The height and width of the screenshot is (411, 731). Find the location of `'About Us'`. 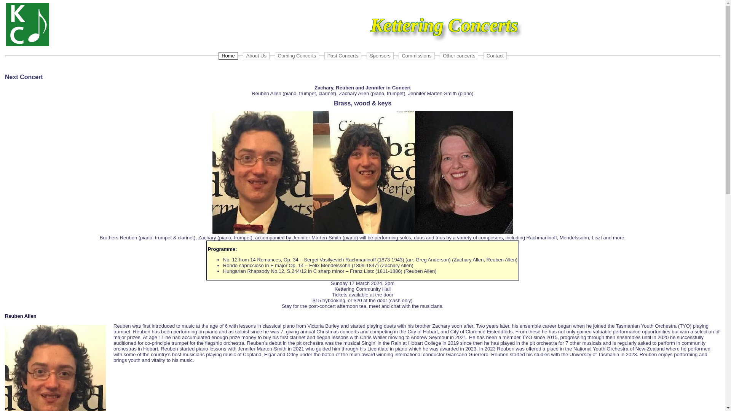

'About Us' is located at coordinates (256, 55).